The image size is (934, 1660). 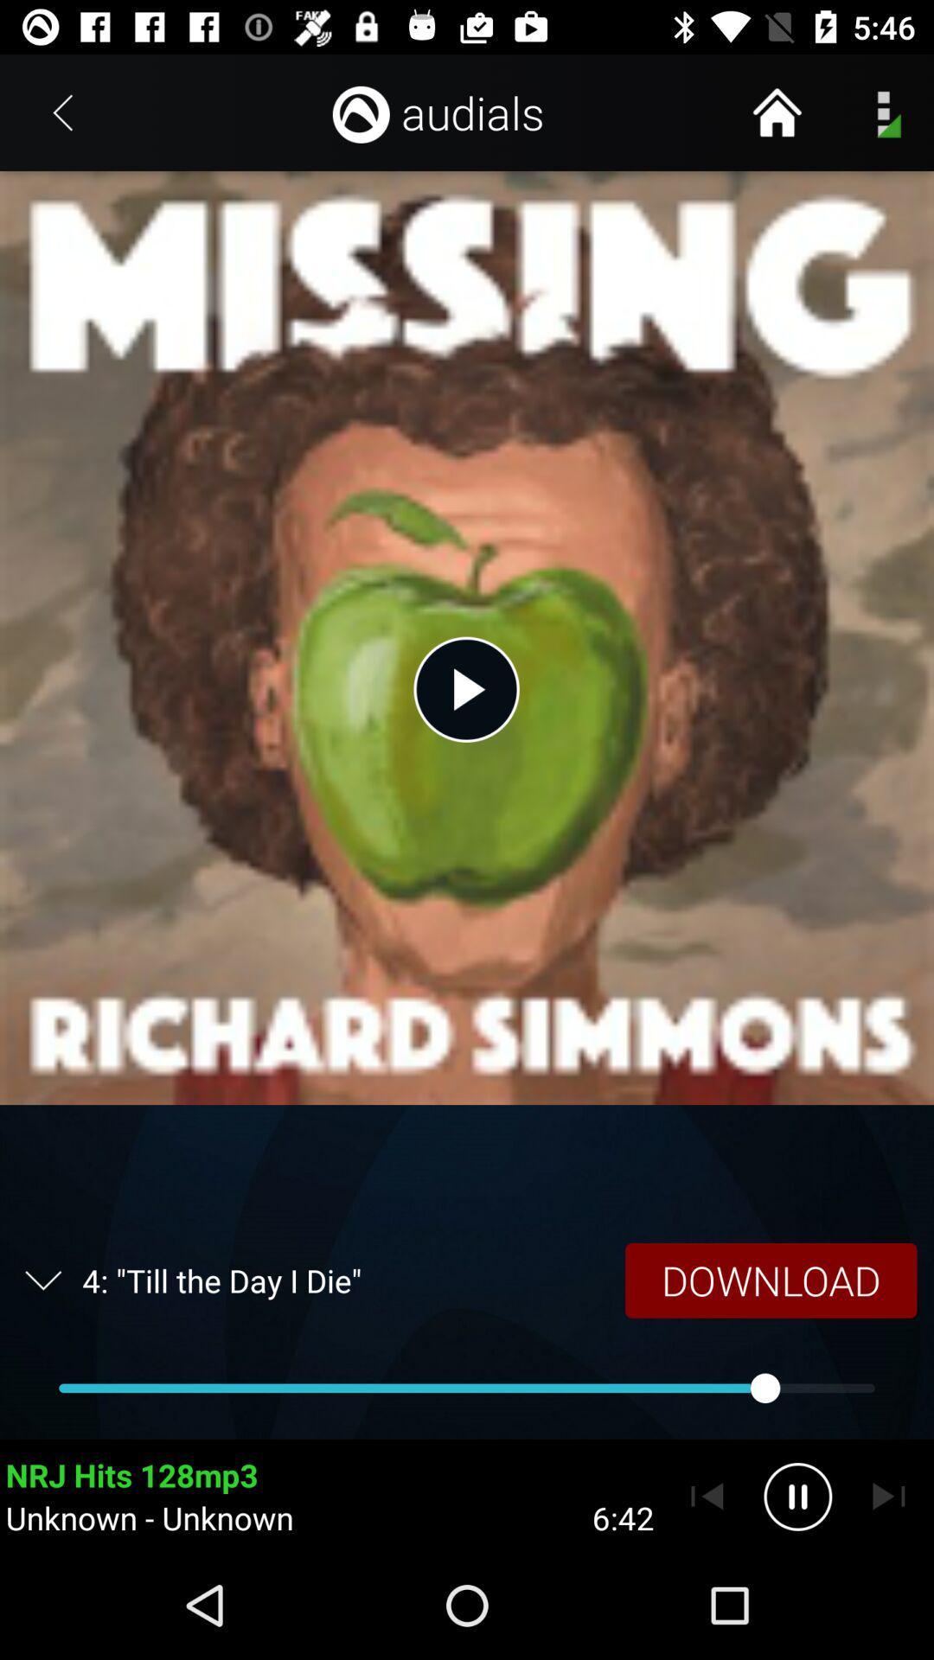 What do you see at coordinates (770, 1280) in the screenshot?
I see `item next to the 4 till the icon` at bounding box center [770, 1280].